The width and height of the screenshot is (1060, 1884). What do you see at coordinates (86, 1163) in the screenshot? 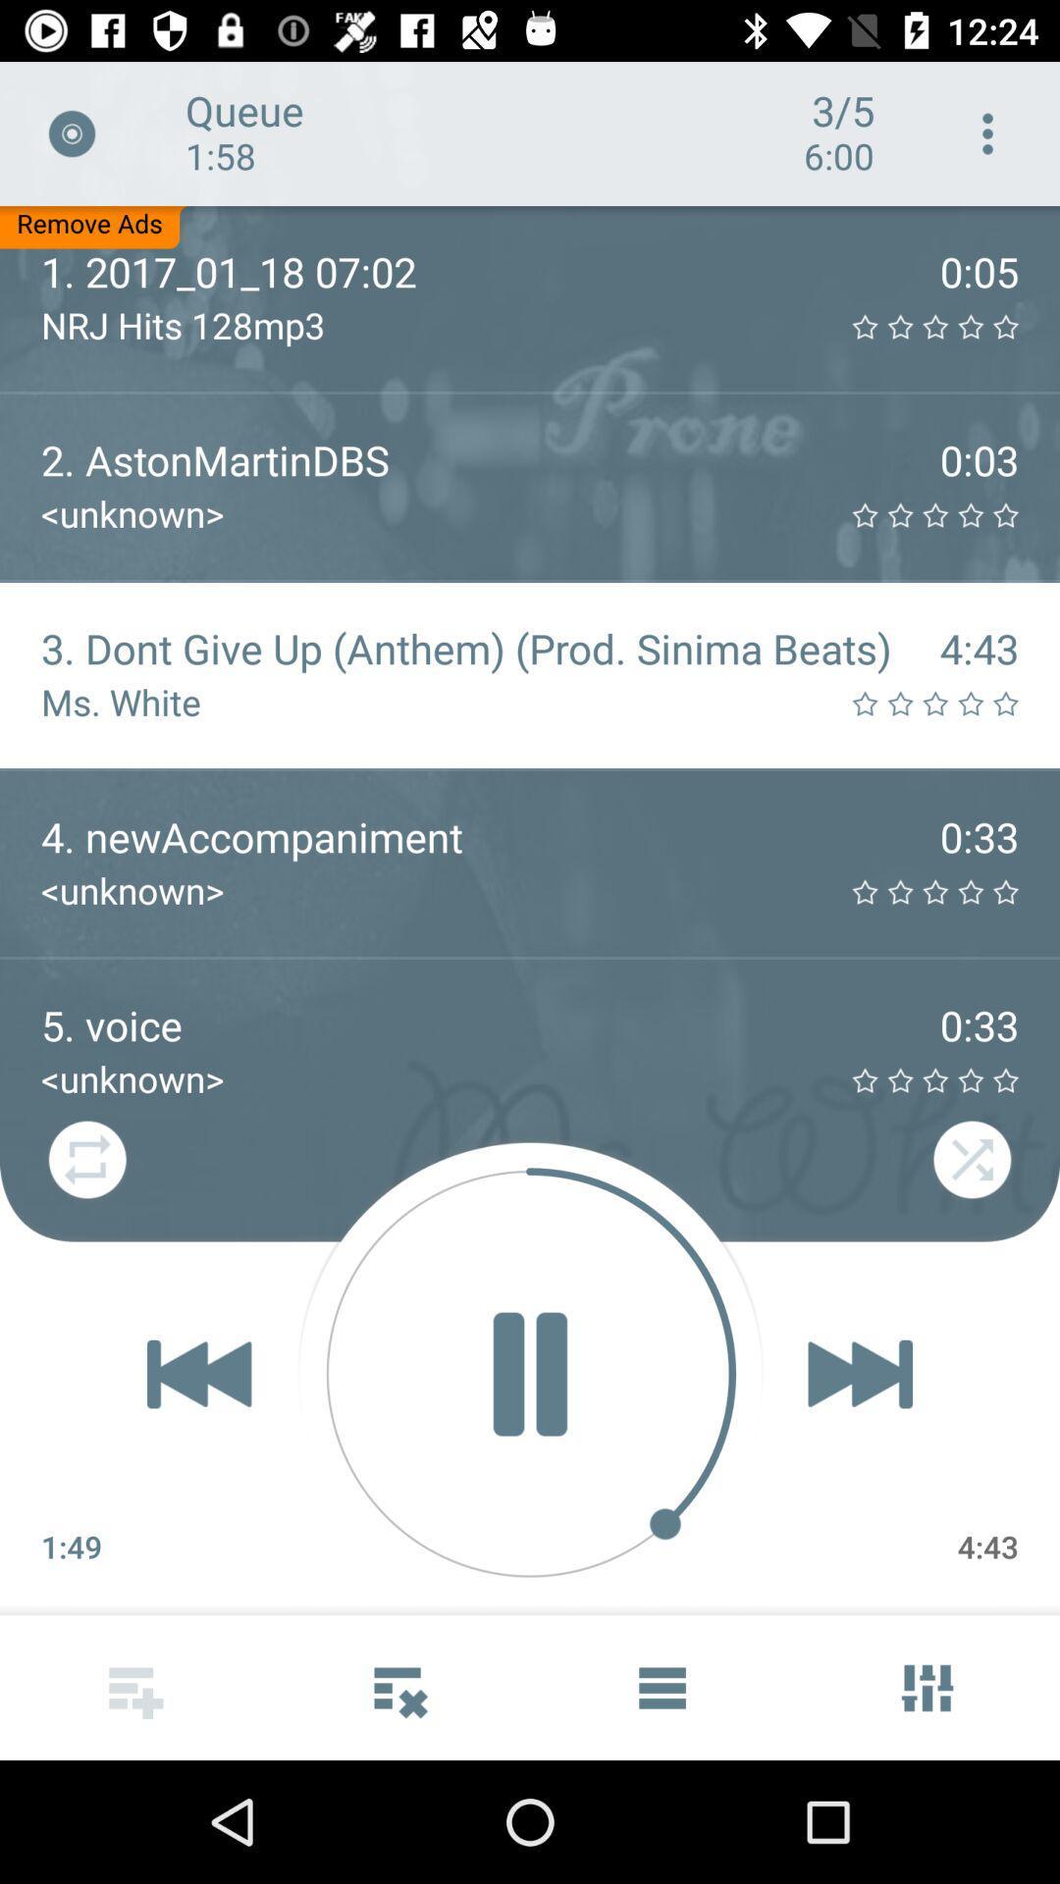
I see `the repeat icon` at bounding box center [86, 1163].